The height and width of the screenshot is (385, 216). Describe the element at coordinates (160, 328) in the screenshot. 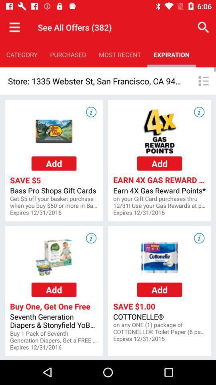

I see `the item next to seventh generation diapers app` at that location.